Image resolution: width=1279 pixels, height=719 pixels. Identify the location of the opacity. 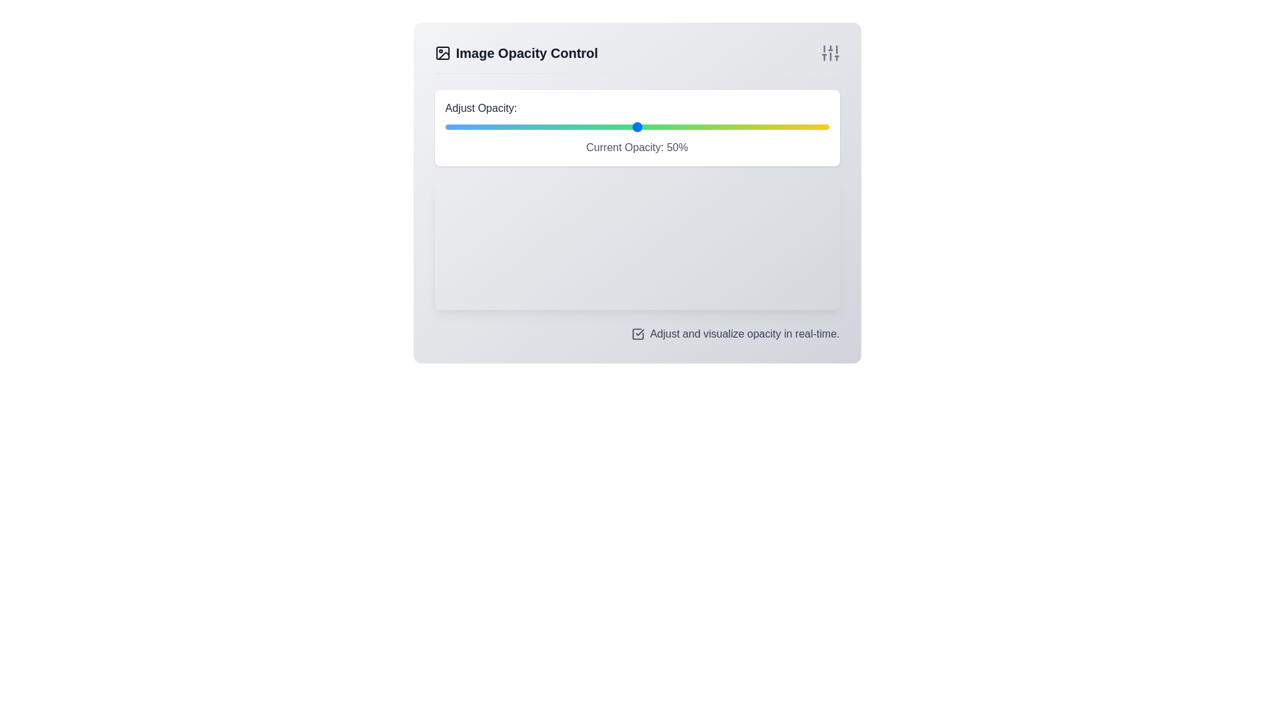
(725, 127).